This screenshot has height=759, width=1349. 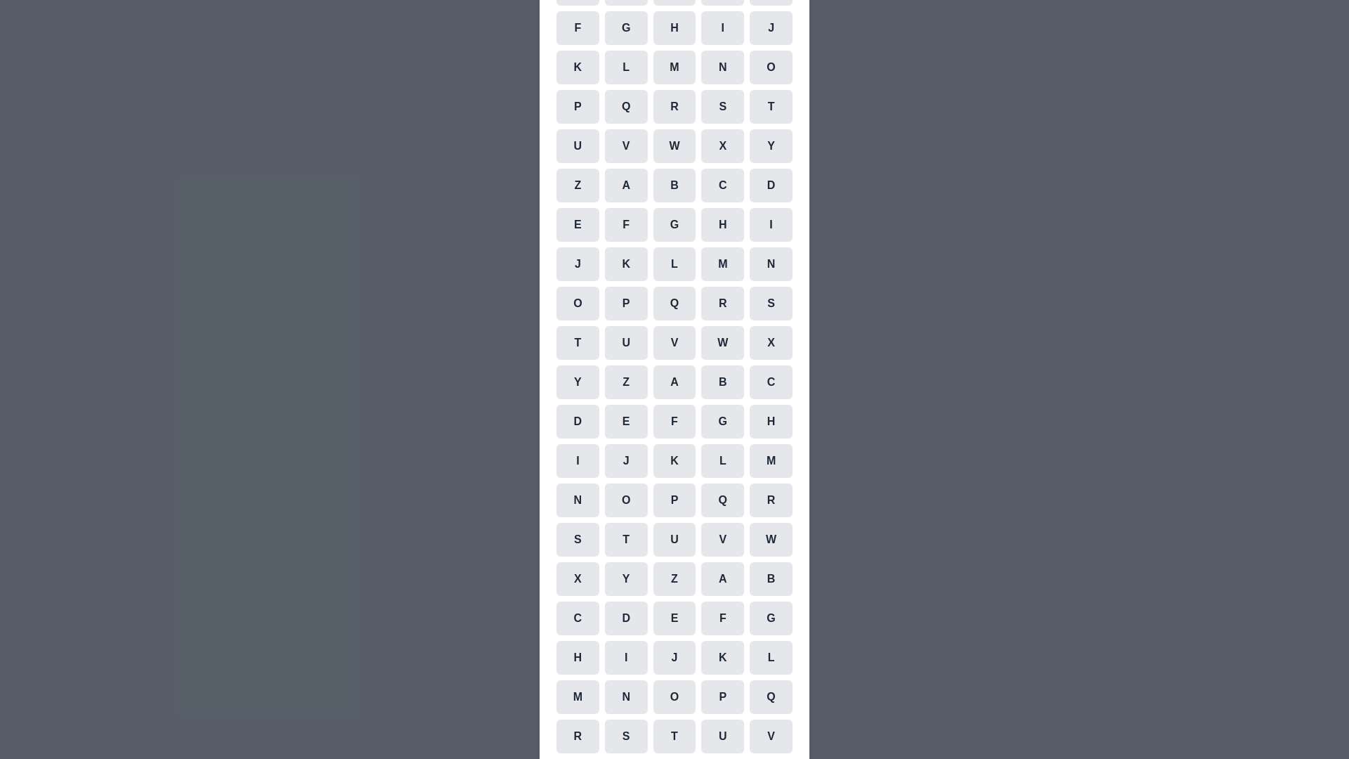 What do you see at coordinates (771, 27) in the screenshot?
I see `the cell representing the character J` at bounding box center [771, 27].